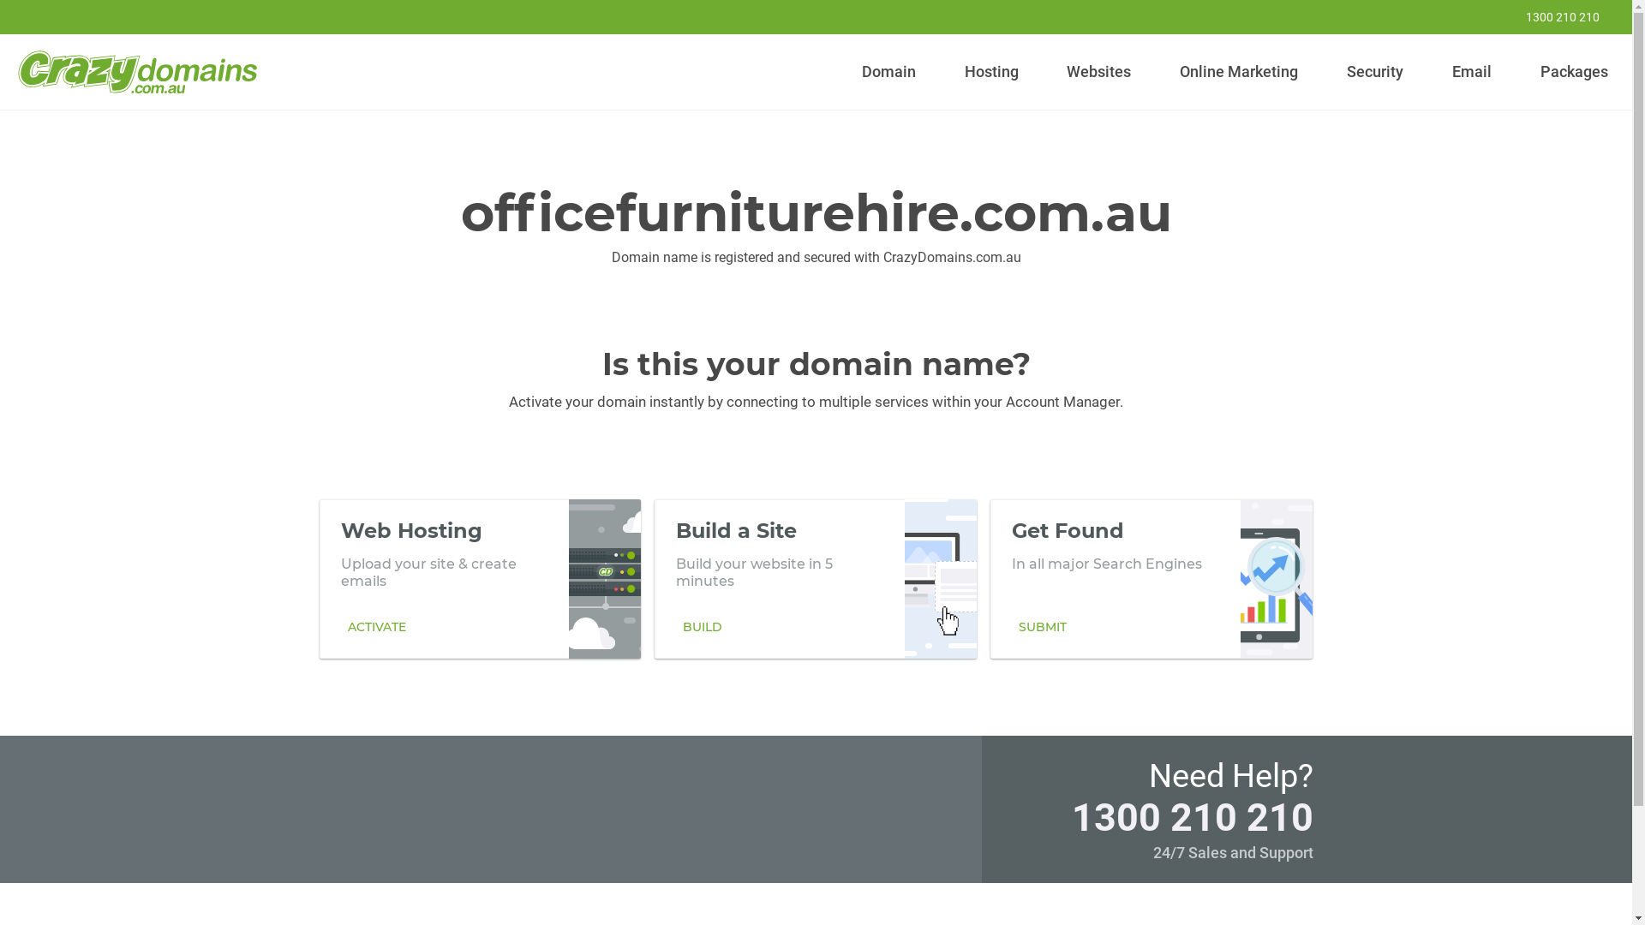 This screenshot has height=925, width=1645. Describe the element at coordinates (814, 578) in the screenshot. I see `'Build a Site` at that location.